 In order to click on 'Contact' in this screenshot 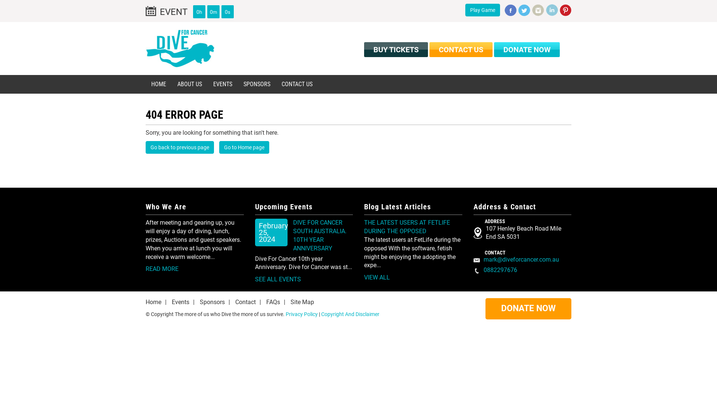, I will do `click(235, 302)`.